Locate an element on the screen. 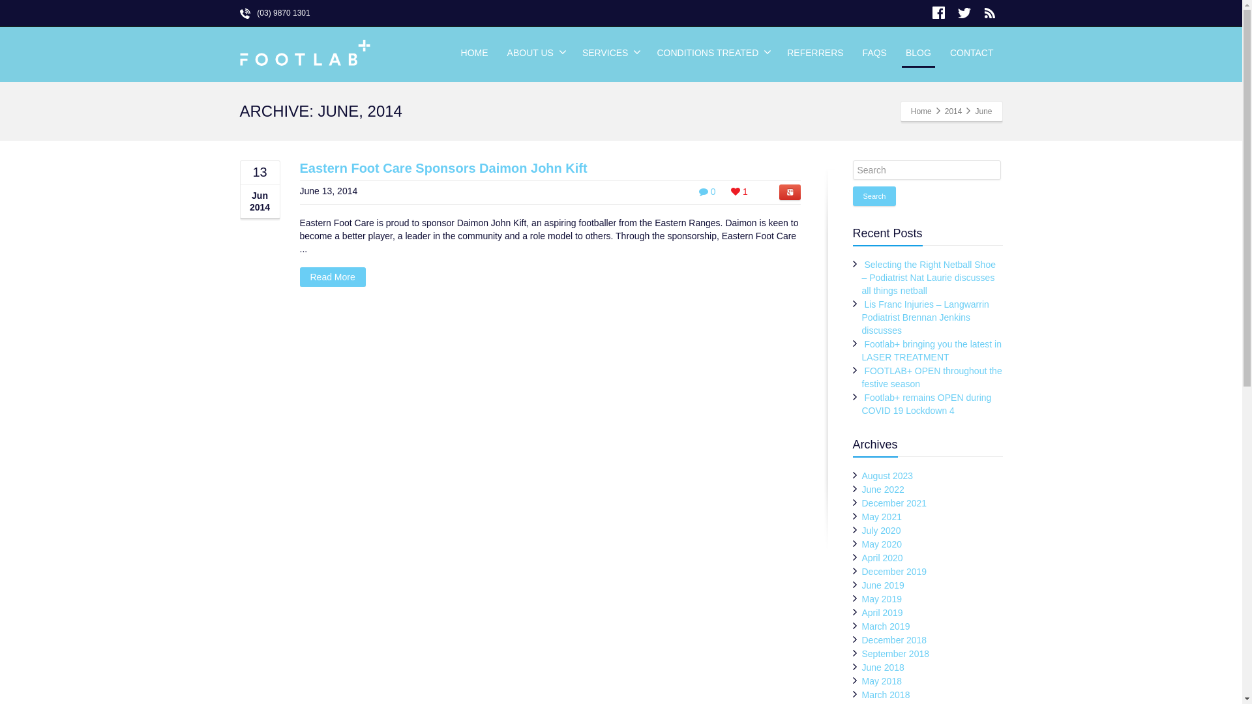 This screenshot has height=704, width=1252. 'June 2019' is located at coordinates (883, 585).